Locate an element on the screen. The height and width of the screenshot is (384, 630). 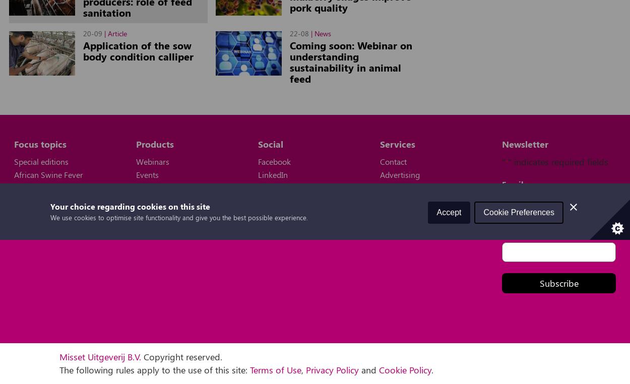
'Products' is located at coordinates (155, 143).